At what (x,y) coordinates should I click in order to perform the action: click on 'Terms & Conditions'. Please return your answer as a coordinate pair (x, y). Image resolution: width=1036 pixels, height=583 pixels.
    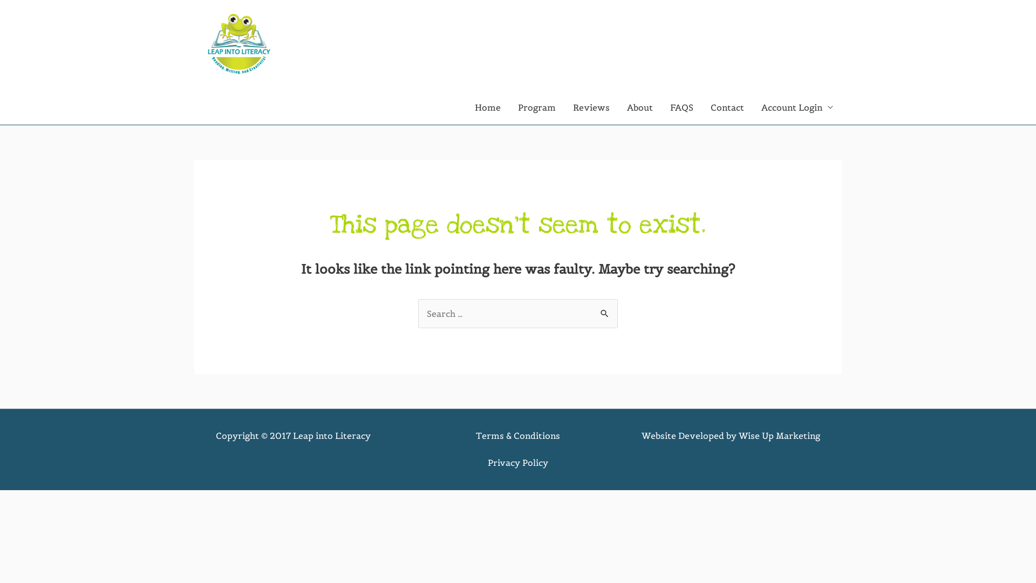
    Looking at the image, I should click on (518, 435).